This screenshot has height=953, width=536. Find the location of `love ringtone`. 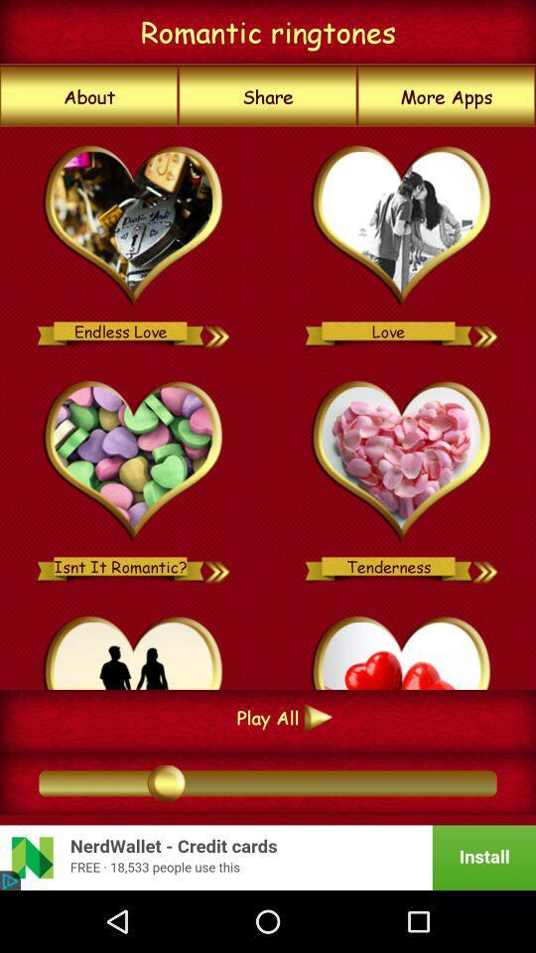

love ringtone is located at coordinates (485, 331).